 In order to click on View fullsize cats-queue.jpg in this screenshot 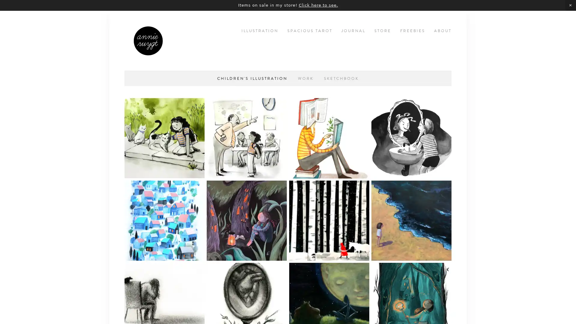, I will do `click(164, 138)`.